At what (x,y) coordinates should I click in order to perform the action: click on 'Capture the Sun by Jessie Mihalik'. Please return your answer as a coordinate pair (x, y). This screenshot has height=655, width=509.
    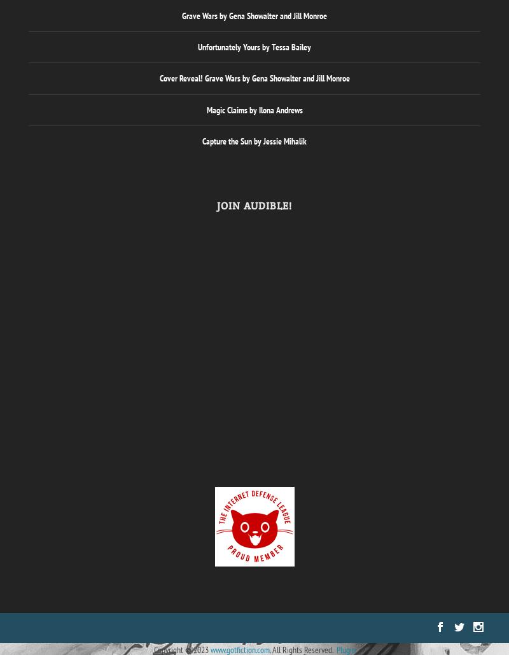
    Looking at the image, I should click on (202, 140).